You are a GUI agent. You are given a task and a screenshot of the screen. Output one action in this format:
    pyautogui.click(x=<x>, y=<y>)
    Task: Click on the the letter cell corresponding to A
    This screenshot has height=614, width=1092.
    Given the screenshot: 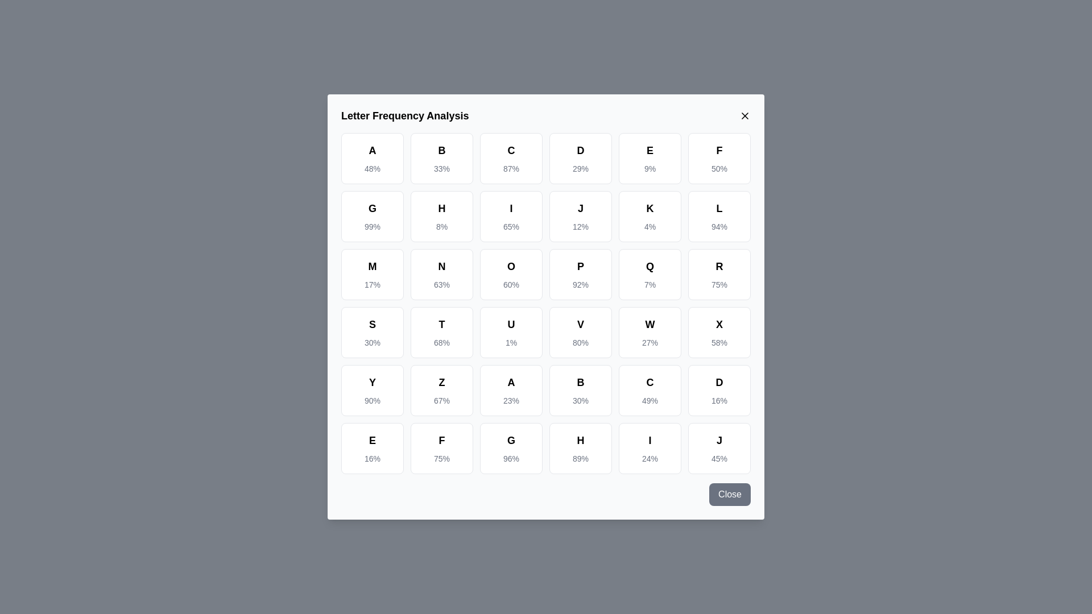 What is the action you would take?
    pyautogui.click(x=372, y=158)
    